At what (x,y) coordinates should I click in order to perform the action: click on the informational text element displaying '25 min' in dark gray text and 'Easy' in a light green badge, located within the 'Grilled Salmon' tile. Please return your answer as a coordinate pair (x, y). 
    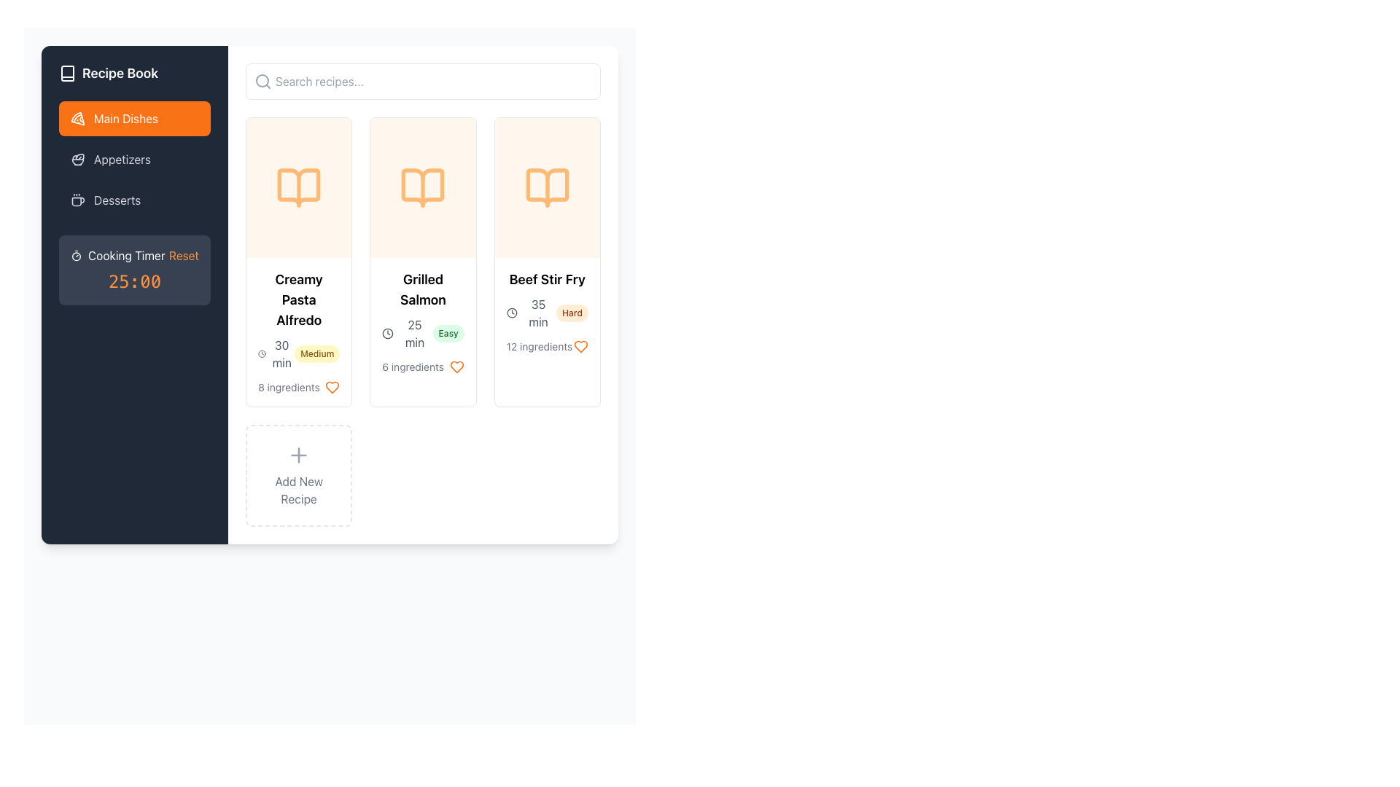
    Looking at the image, I should click on (422, 334).